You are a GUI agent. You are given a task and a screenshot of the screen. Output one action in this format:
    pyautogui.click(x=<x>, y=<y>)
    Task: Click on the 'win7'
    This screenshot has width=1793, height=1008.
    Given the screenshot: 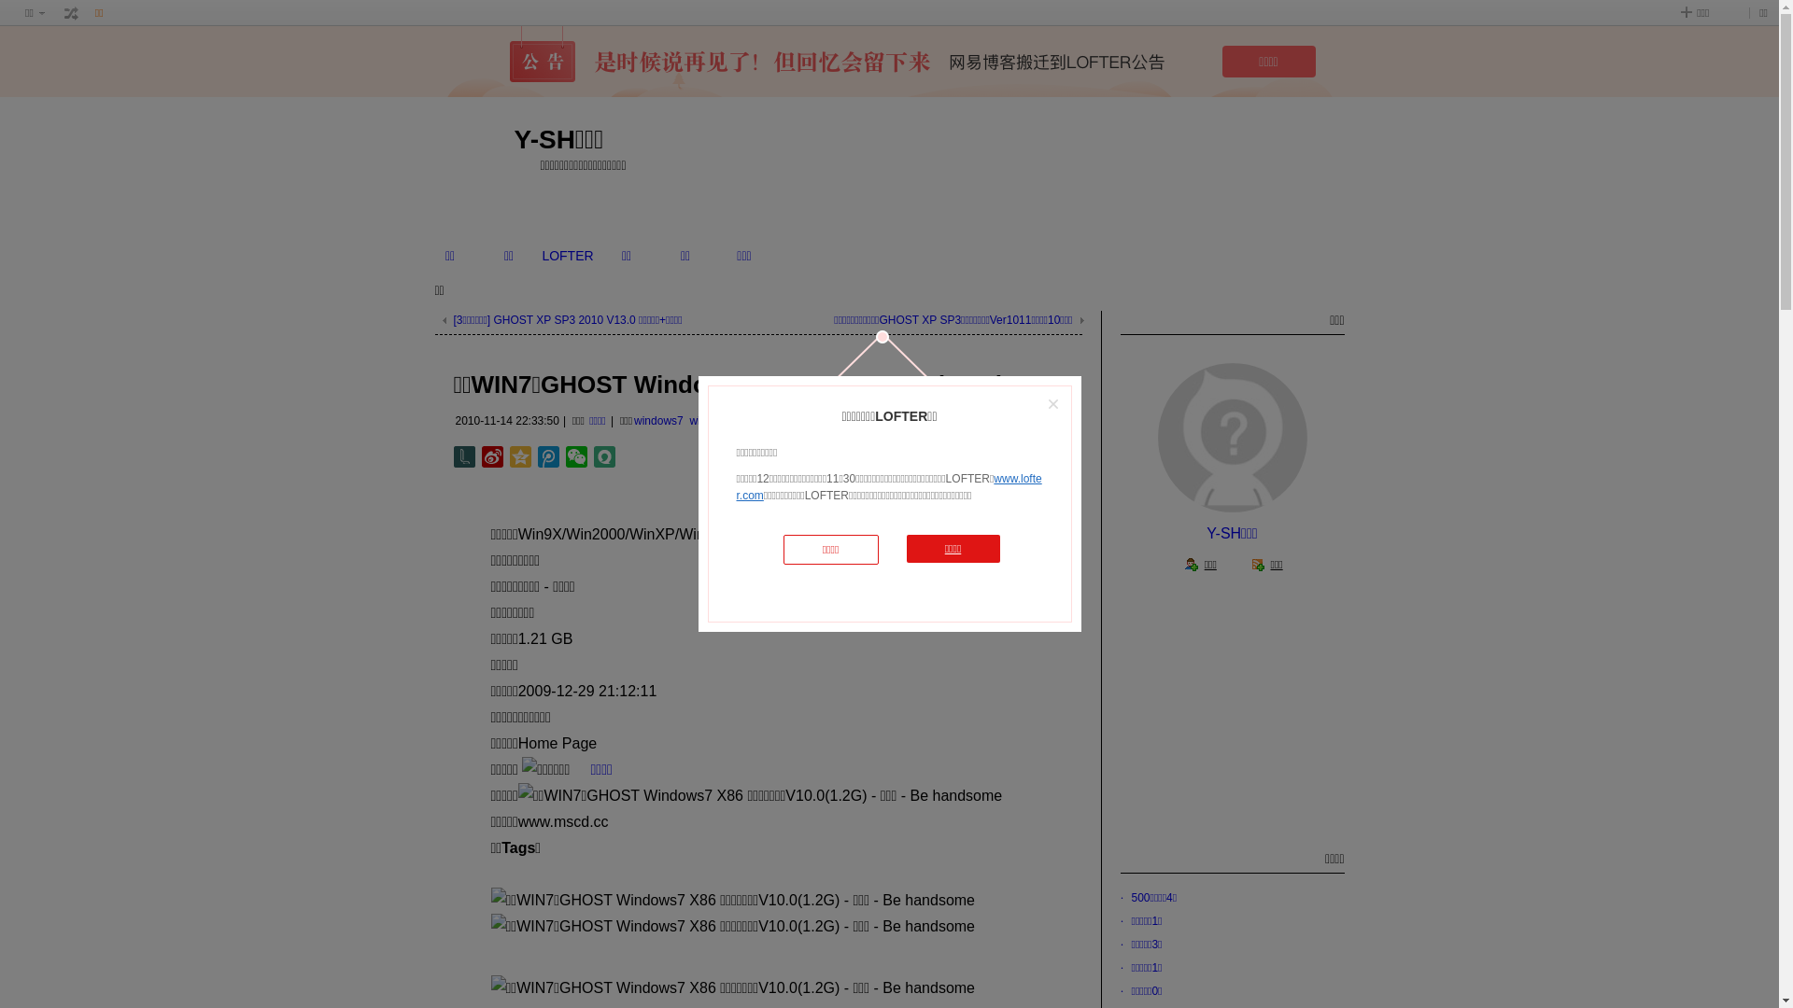 What is the action you would take?
    pyautogui.click(x=699, y=421)
    